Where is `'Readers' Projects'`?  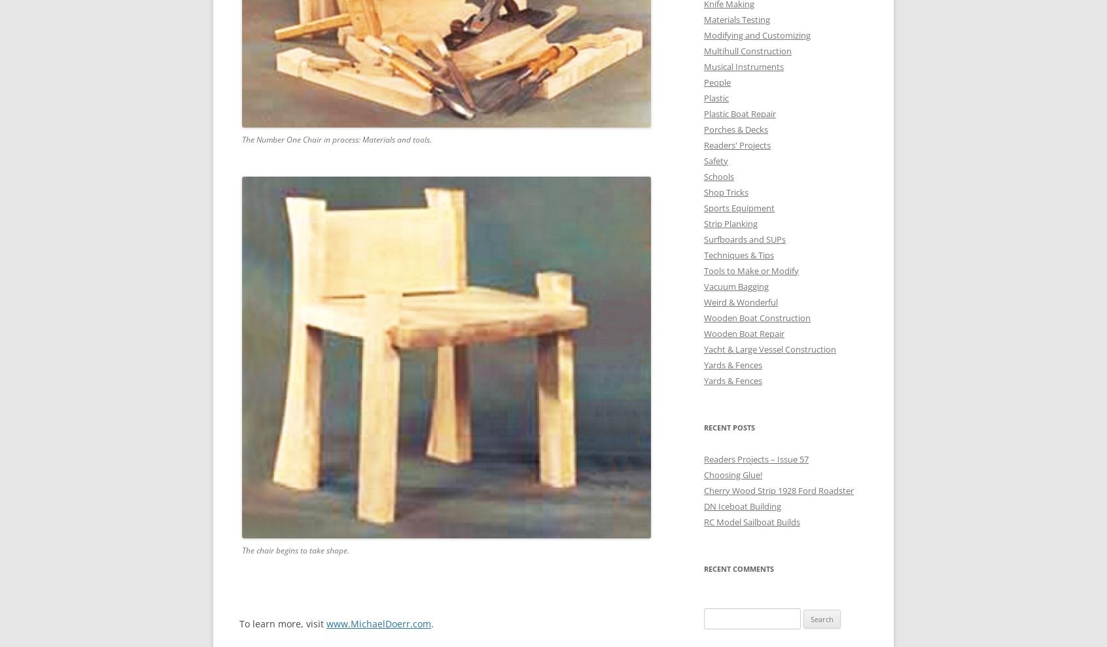
'Readers' Projects' is located at coordinates (737, 144).